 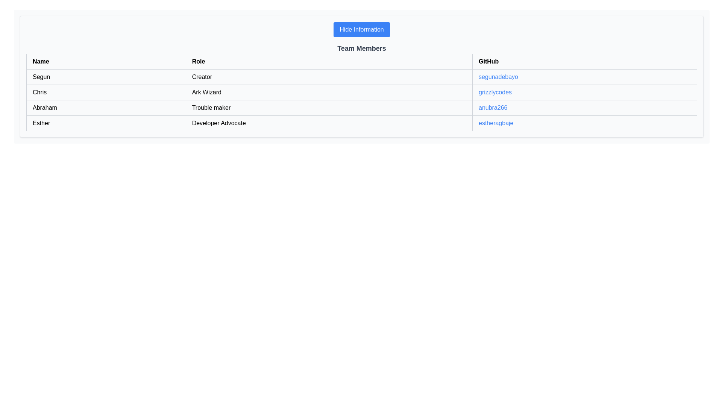 What do you see at coordinates (361, 48) in the screenshot?
I see `bold text labeled 'Team Members' which is styled in gray color and serves as a heading above the team member details table` at bounding box center [361, 48].